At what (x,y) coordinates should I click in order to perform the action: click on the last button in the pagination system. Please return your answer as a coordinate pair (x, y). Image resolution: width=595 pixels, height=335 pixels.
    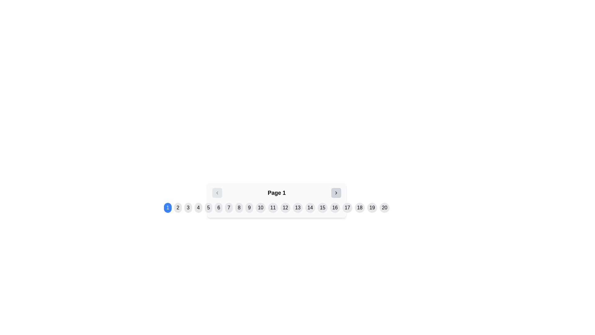
    Looking at the image, I should click on (384, 208).